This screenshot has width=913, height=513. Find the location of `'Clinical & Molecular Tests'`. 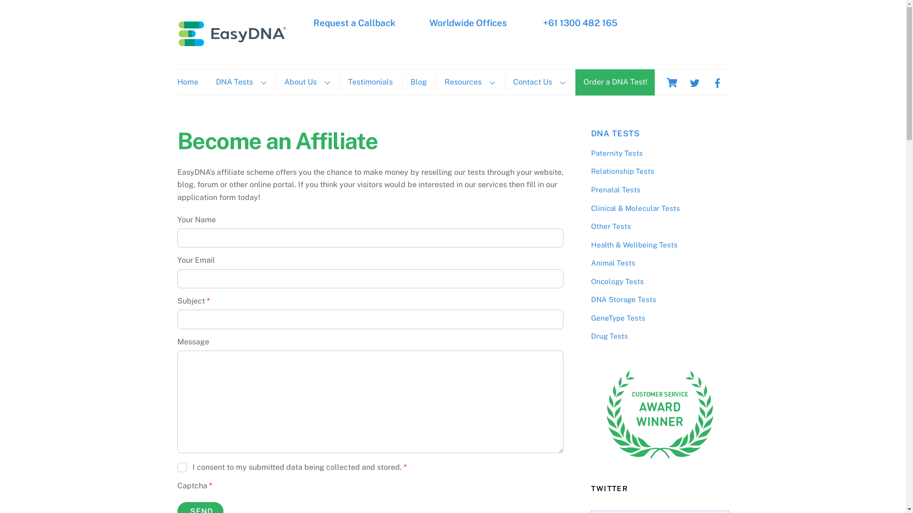

'Clinical & Molecular Tests' is located at coordinates (590, 208).